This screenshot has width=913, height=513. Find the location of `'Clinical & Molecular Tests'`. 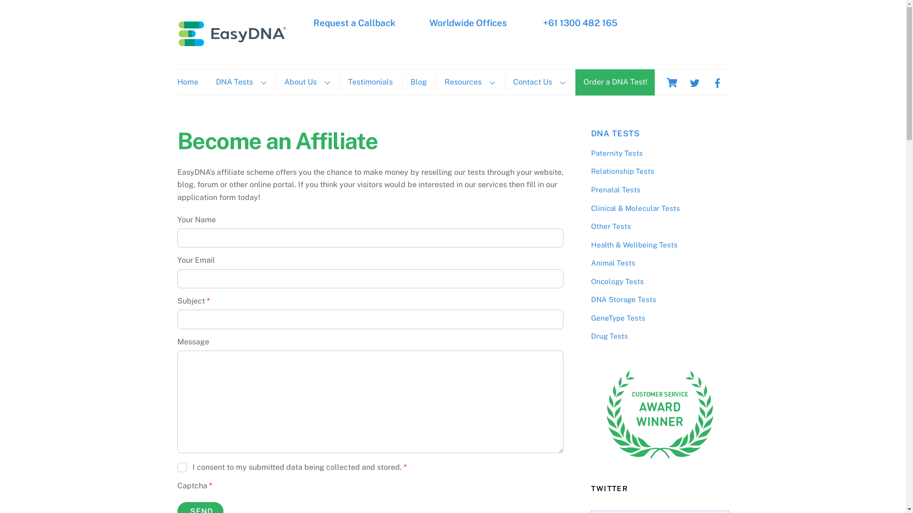

'Clinical & Molecular Tests' is located at coordinates (590, 208).